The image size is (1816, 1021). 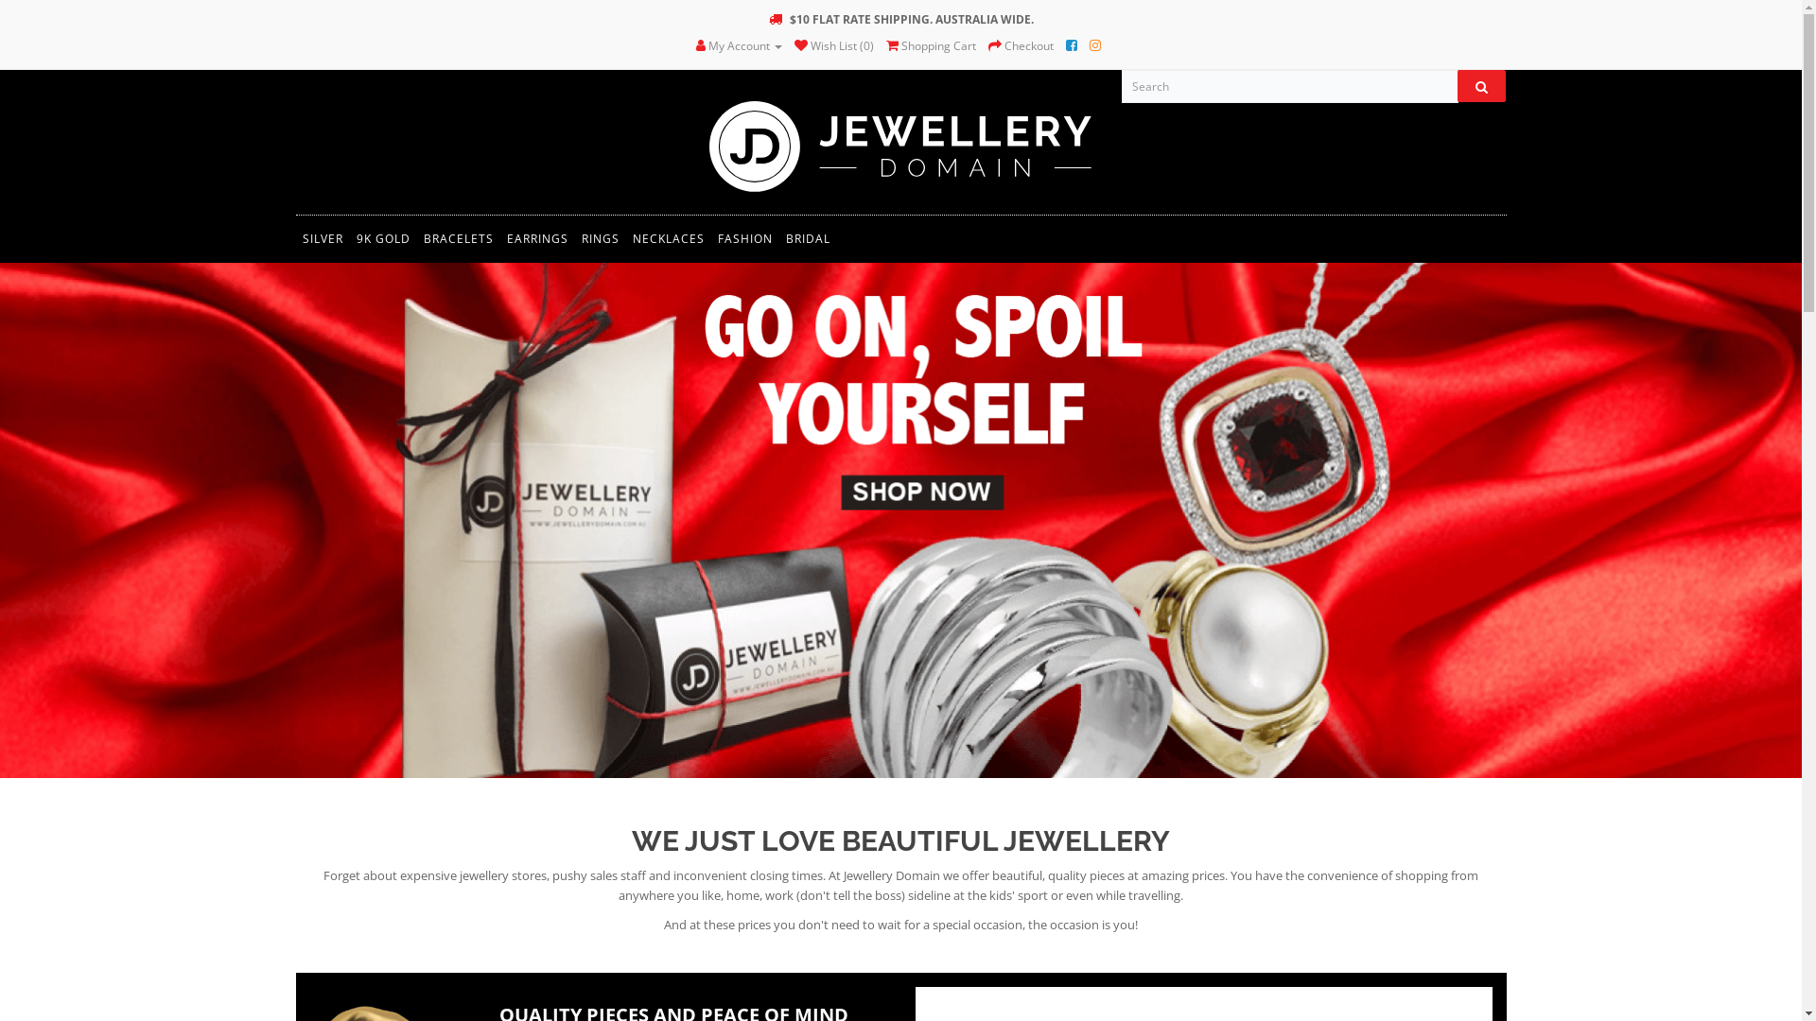 I want to click on 'Shopping Cart', so click(x=931, y=44).